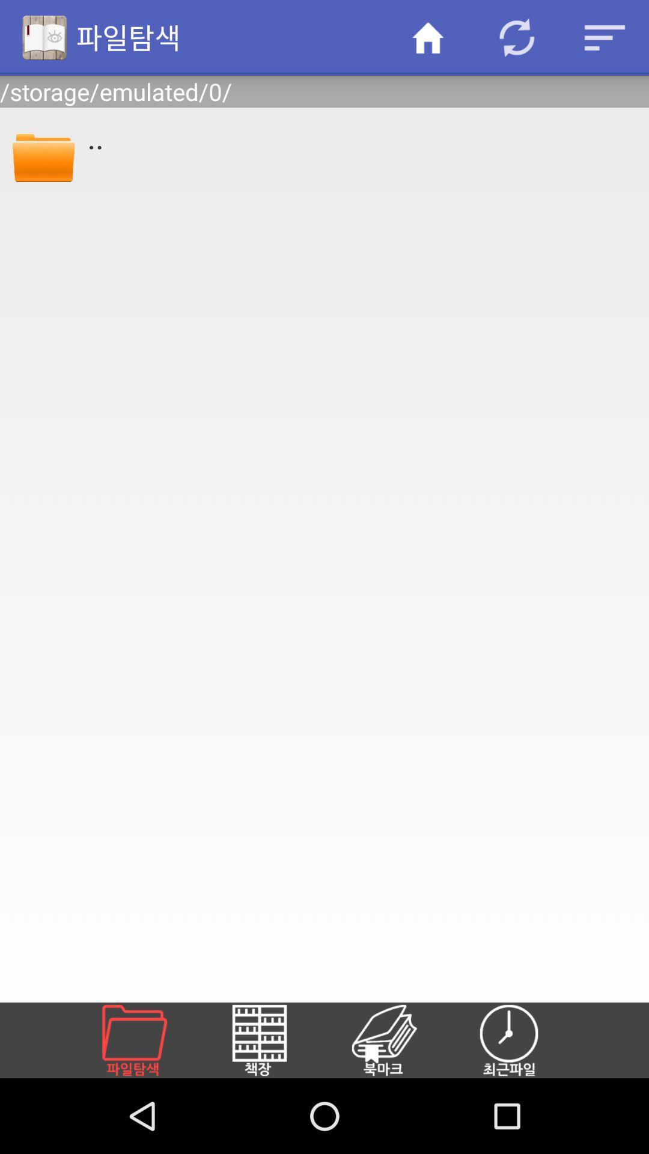 The height and width of the screenshot is (1154, 649). I want to click on app below /storage/emulated/0/, so click(359, 136).